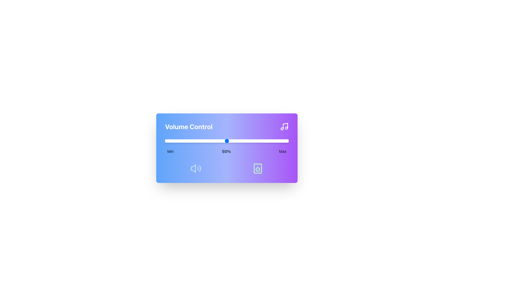  Describe the element at coordinates (258, 168) in the screenshot. I see `the speaker icon with a green outline located at the bottom-right of the audio control section` at that location.